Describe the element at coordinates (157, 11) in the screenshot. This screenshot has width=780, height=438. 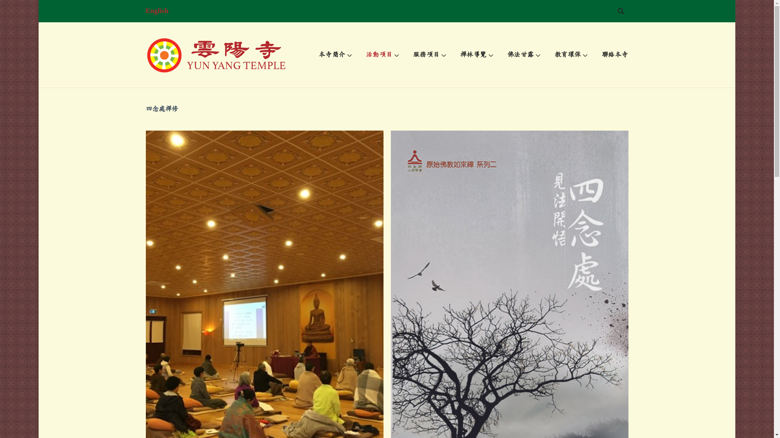
I see `'English'` at that location.